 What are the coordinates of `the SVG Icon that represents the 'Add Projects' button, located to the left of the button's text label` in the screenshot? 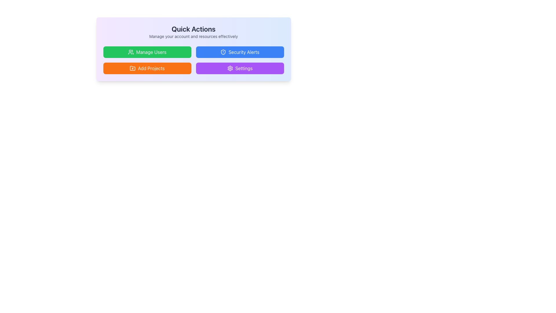 It's located at (132, 68).